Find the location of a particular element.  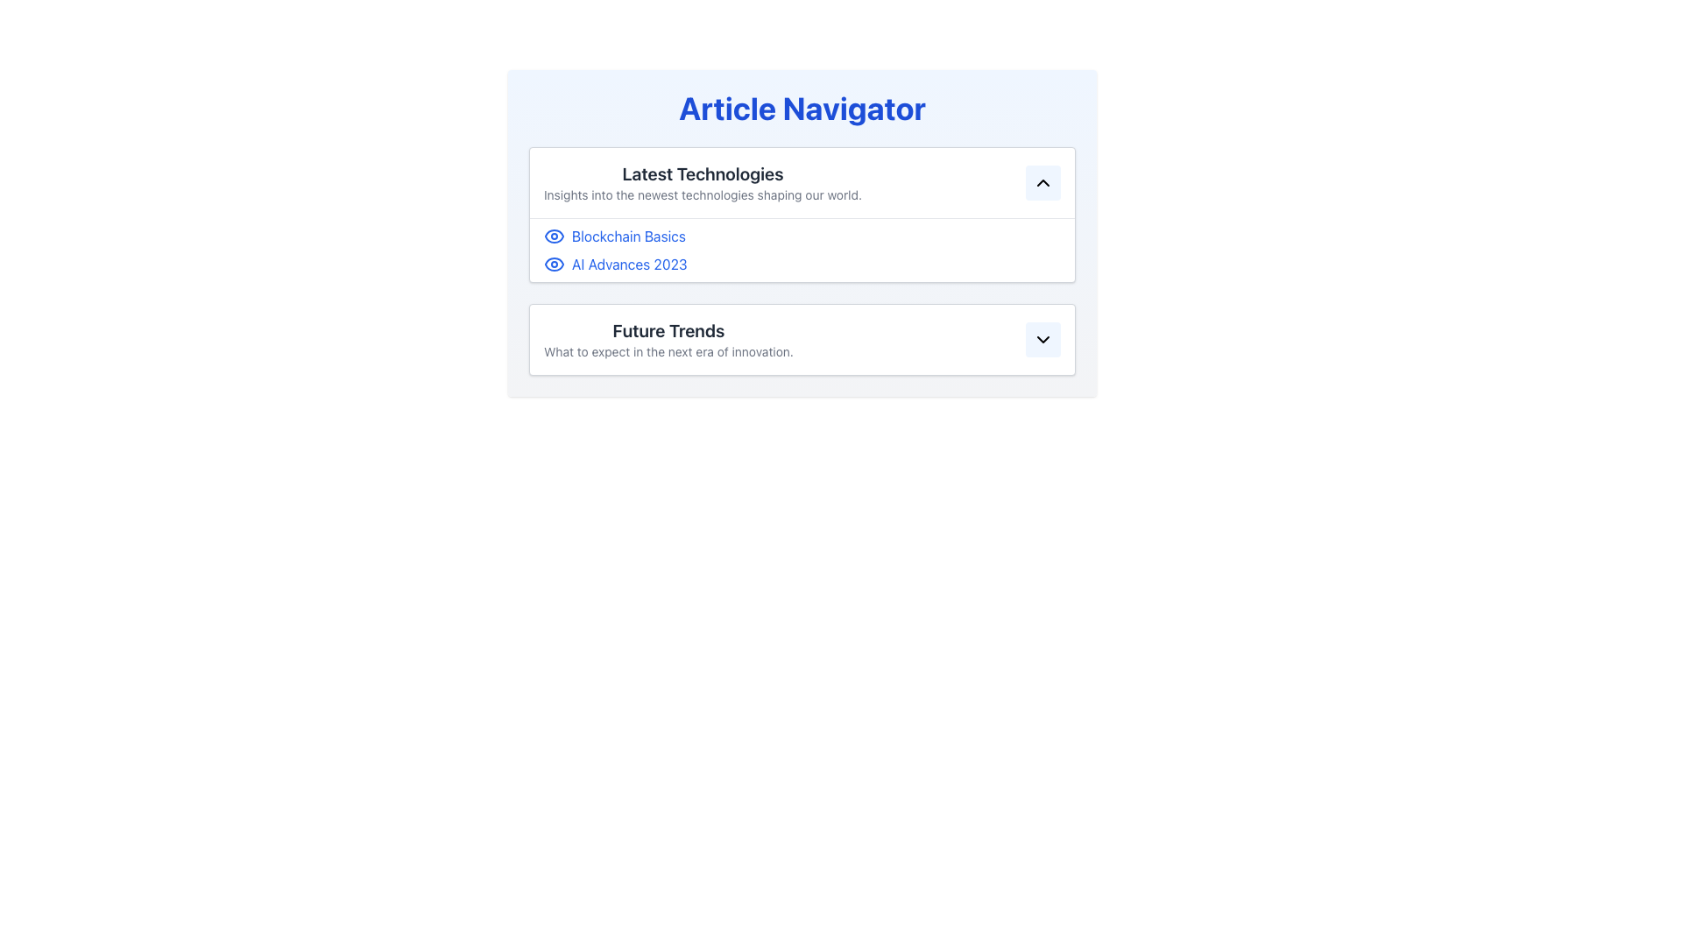

the small blue button with rounded corners and an upward-facing chevron icon located at the right end of the 'Latest Technologies' section header is located at coordinates (1042, 182).